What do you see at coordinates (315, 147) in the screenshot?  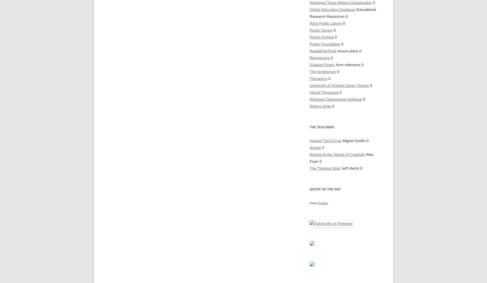 I see `'dy/dan'` at bounding box center [315, 147].